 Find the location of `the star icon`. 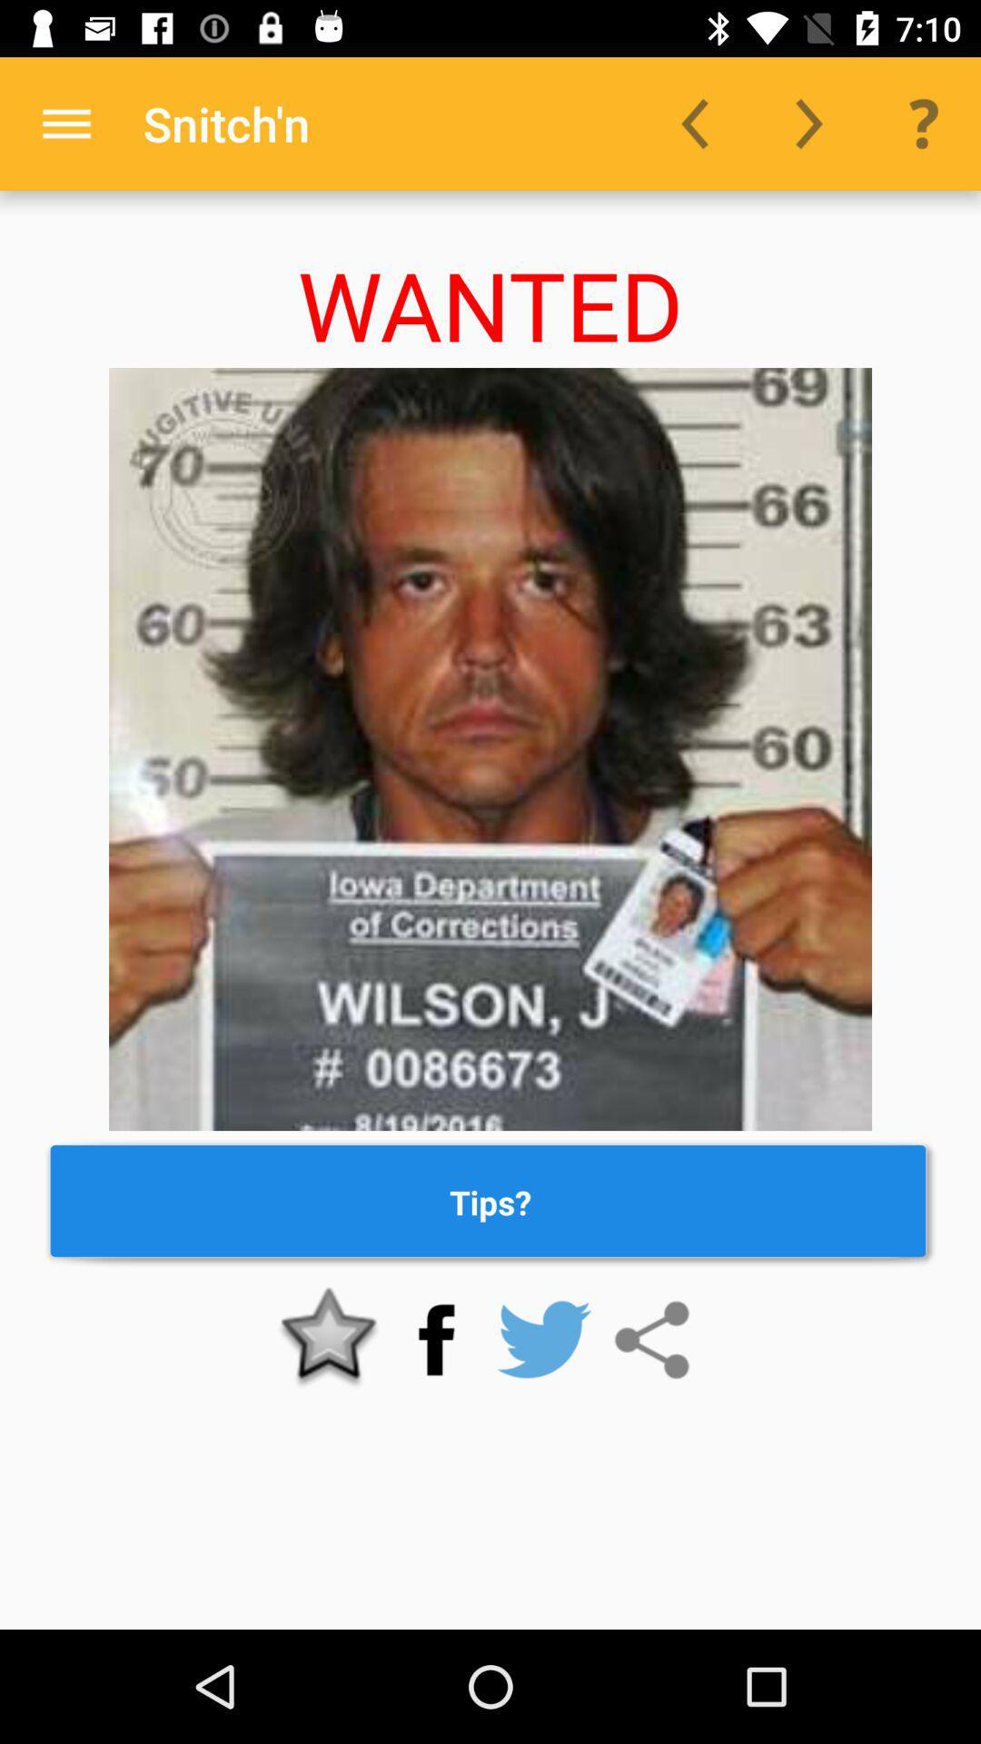

the star icon is located at coordinates (329, 1340).